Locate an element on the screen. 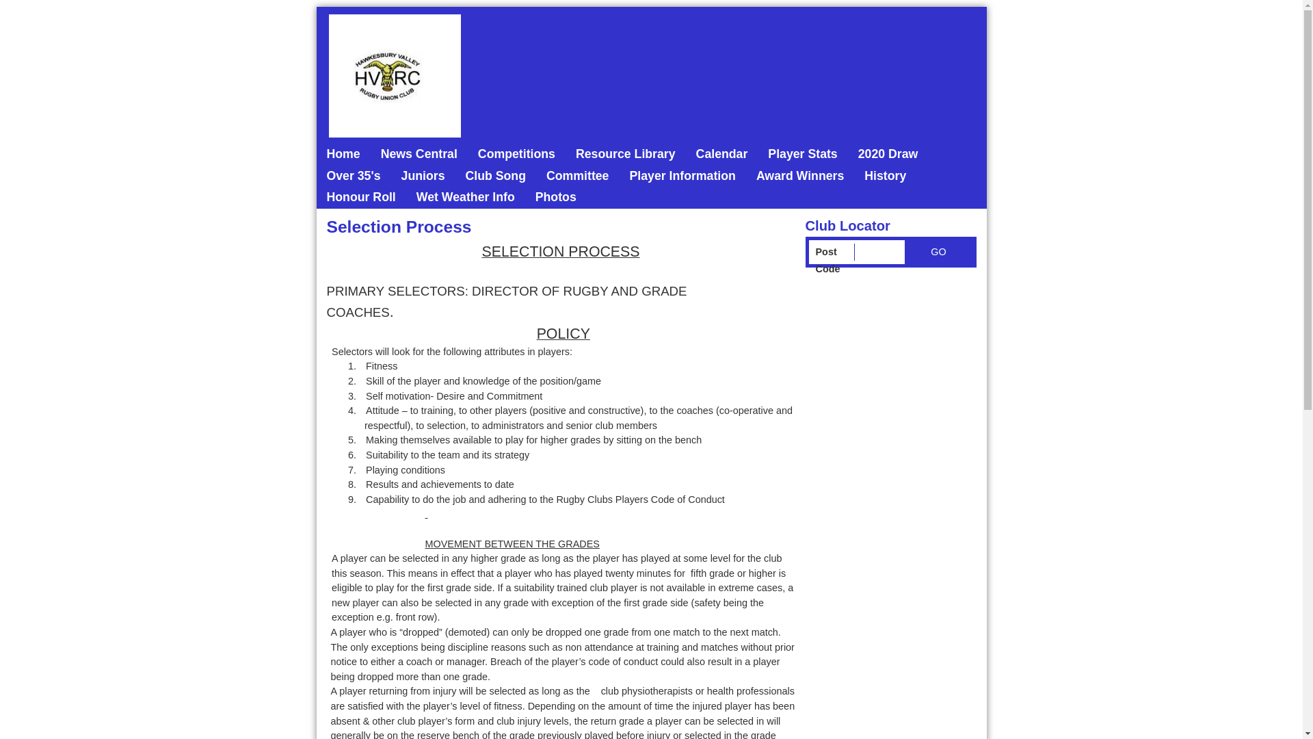  'Wet Weather Info' is located at coordinates (466, 198).